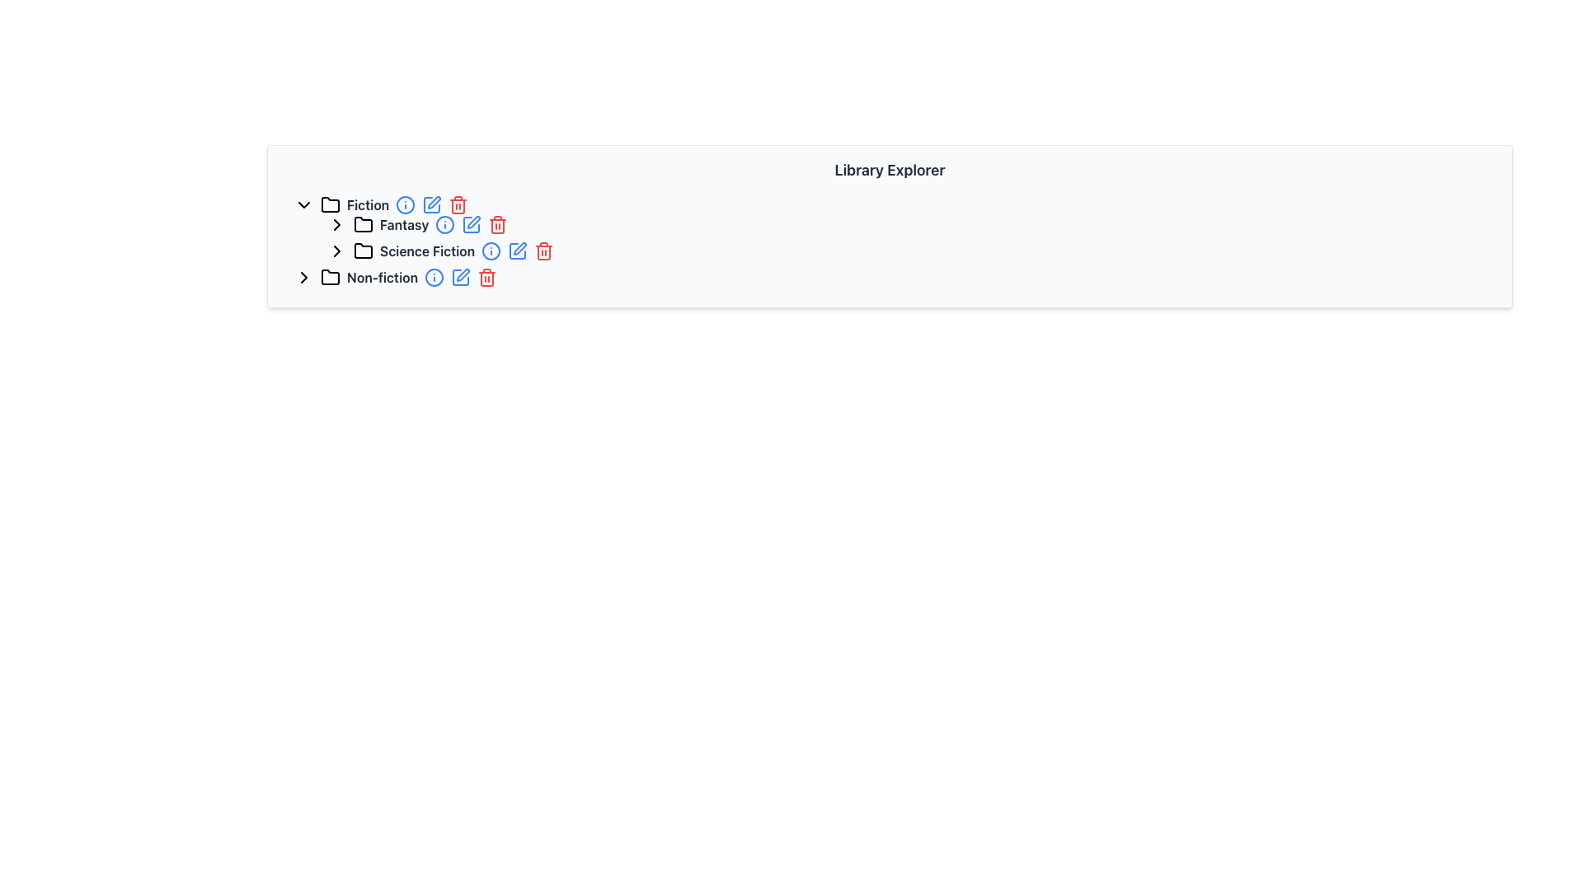  I want to click on the Toggle Button (Arrow Icon) located at the leftmost side of the 'Fiction' titled row, so click(304, 204).